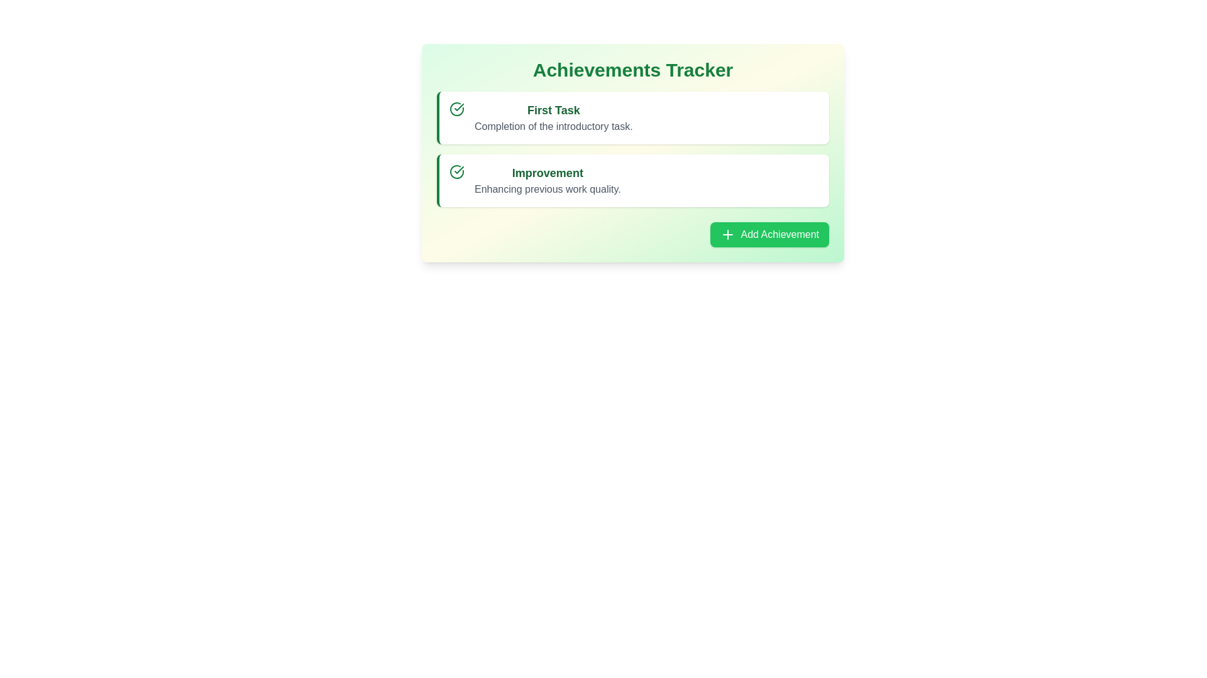  Describe the element at coordinates (553, 110) in the screenshot. I see `the static text element that displays 'First Task' in a bold green font, located at the top of a white section above the description text 'Completion of the introductory task.'` at that location.